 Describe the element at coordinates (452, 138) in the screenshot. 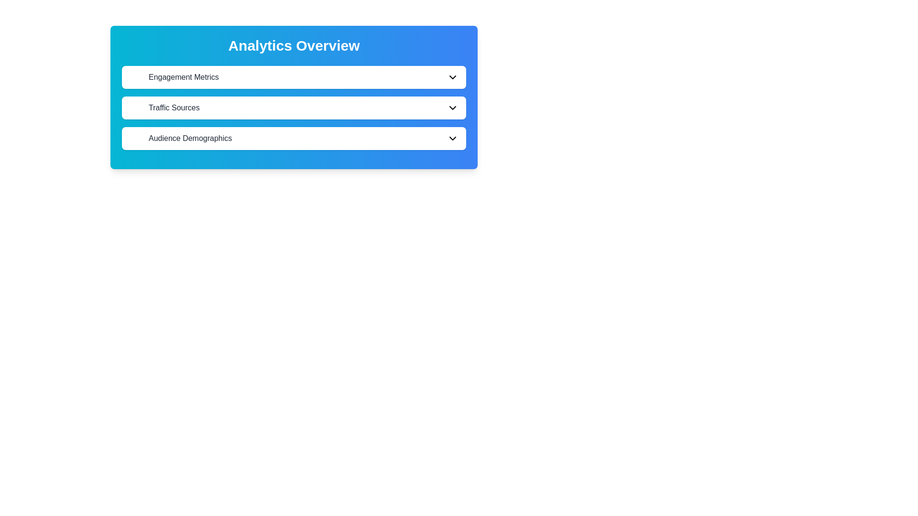

I see `the dropdown indicator icon located at the far right of the 'Audience Demographics' button` at that location.